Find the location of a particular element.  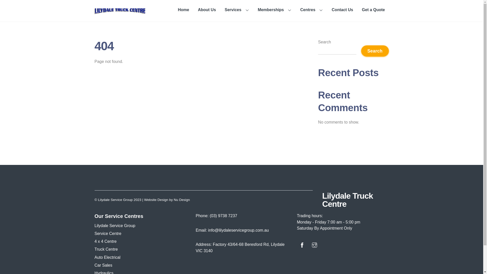

'Contact Us' is located at coordinates (328, 10).